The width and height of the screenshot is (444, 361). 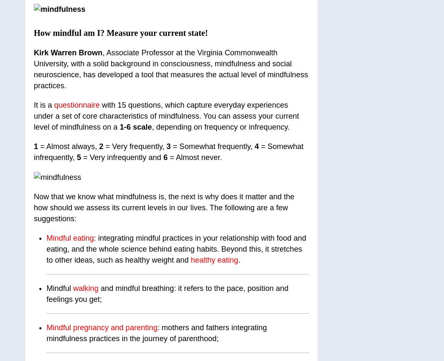 What do you see at coordinates (214, 260) in the screenshot?
I see `'healthy eating'` at bounding box center [214, 260].